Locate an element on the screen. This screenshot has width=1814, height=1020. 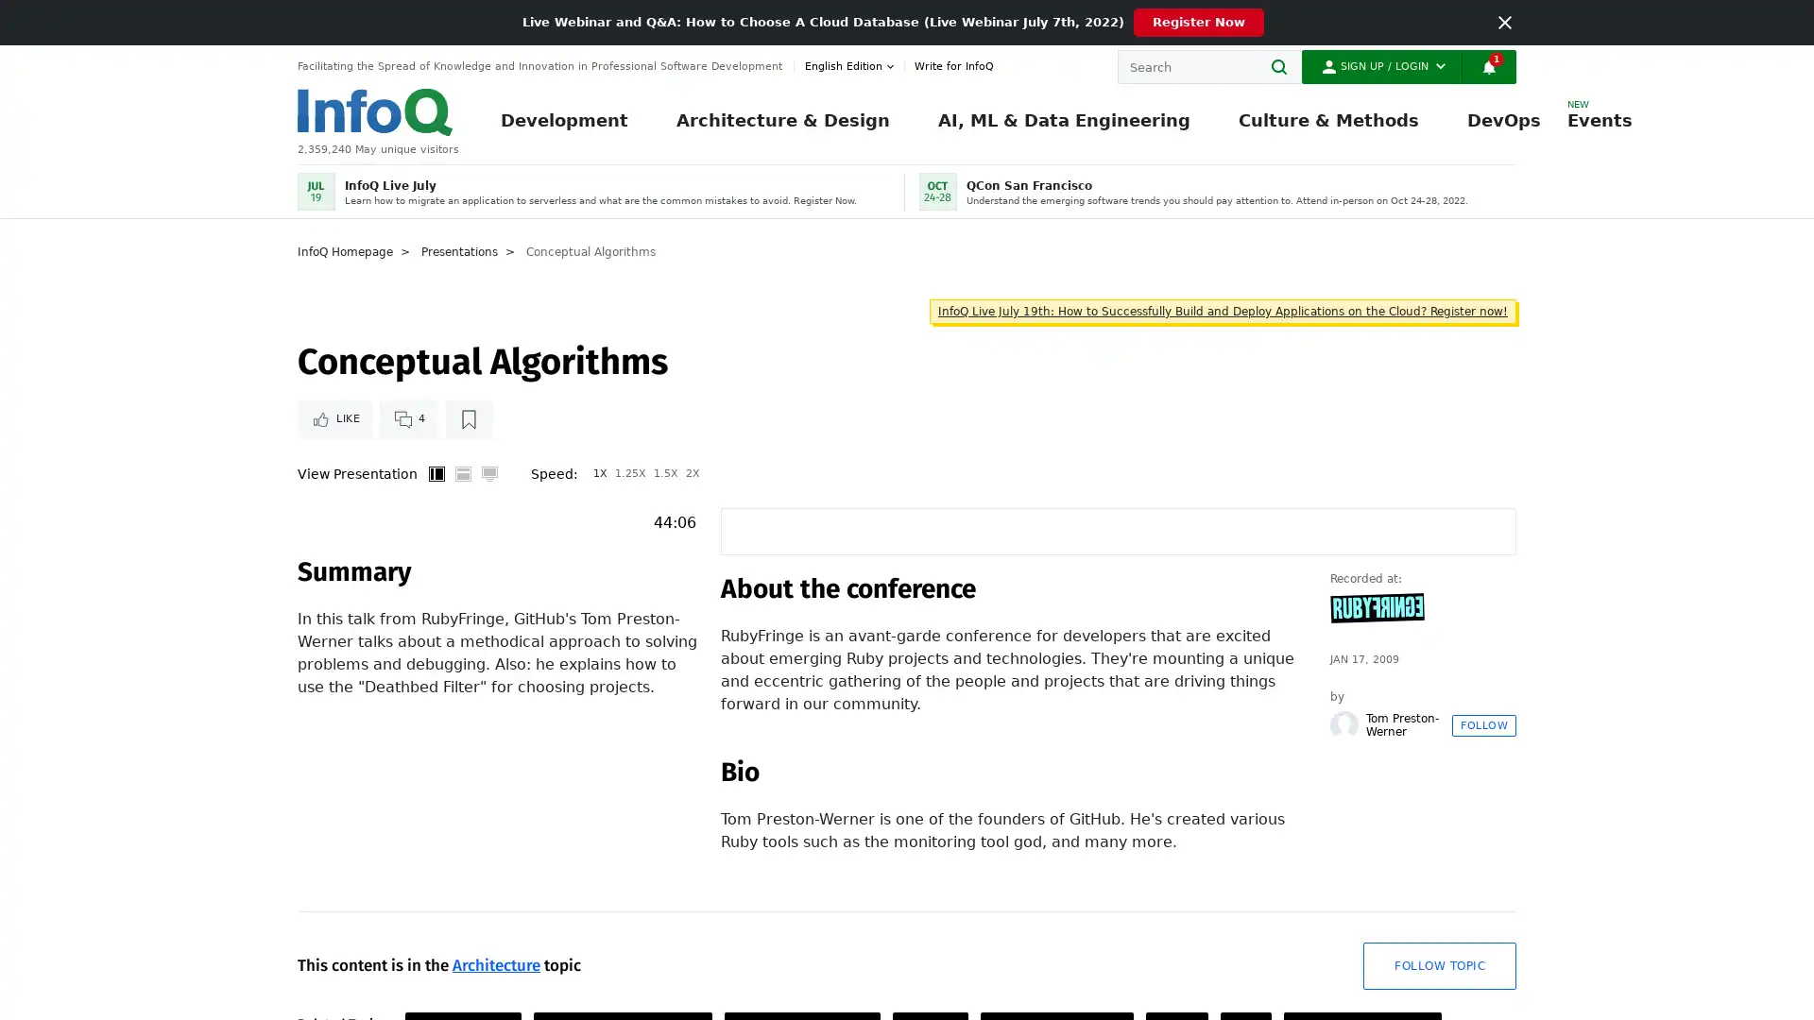
Sign Up / Login is located at coordinates (1381, 65).